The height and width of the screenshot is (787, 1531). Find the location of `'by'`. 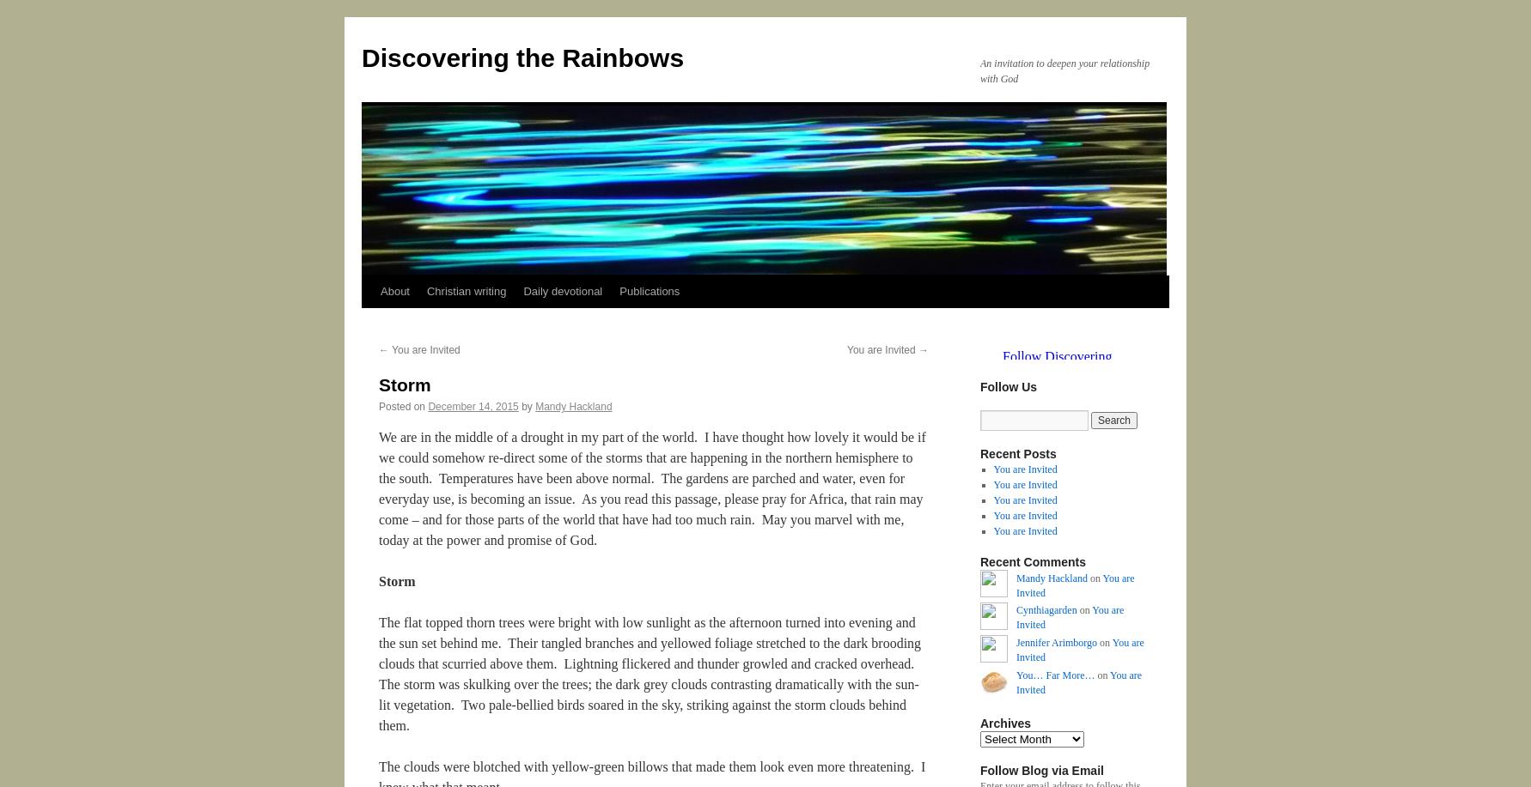

'by' is located at coordinates (527, 405).